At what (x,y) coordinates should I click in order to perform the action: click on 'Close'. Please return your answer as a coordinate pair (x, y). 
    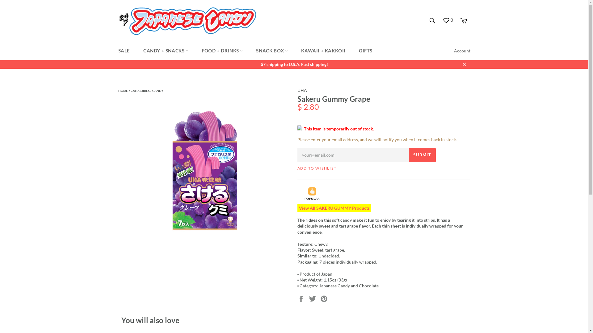
    Looking at the image, I should click on (464, 64).